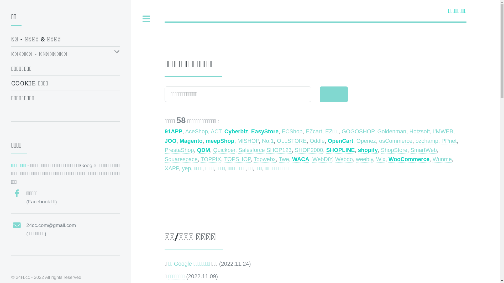 The width and height of the screenshot is (504, 283). What do you see at coordinates (146, 19) in the screenshot?
I see `'Toggle'` at bounding box center [146, 19].